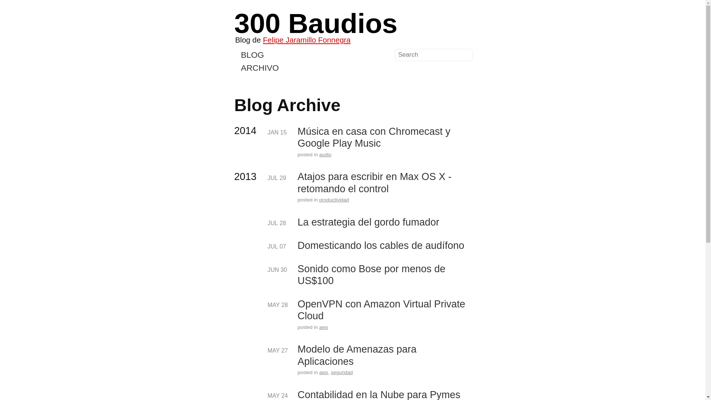 This screenshot has width=711, height=400. What do you see at coordinates (384, 310) in the screenshot?
I see `'OpenVPN con Amazon Virtual Private Cloud'` at bounding box center [384, 310].